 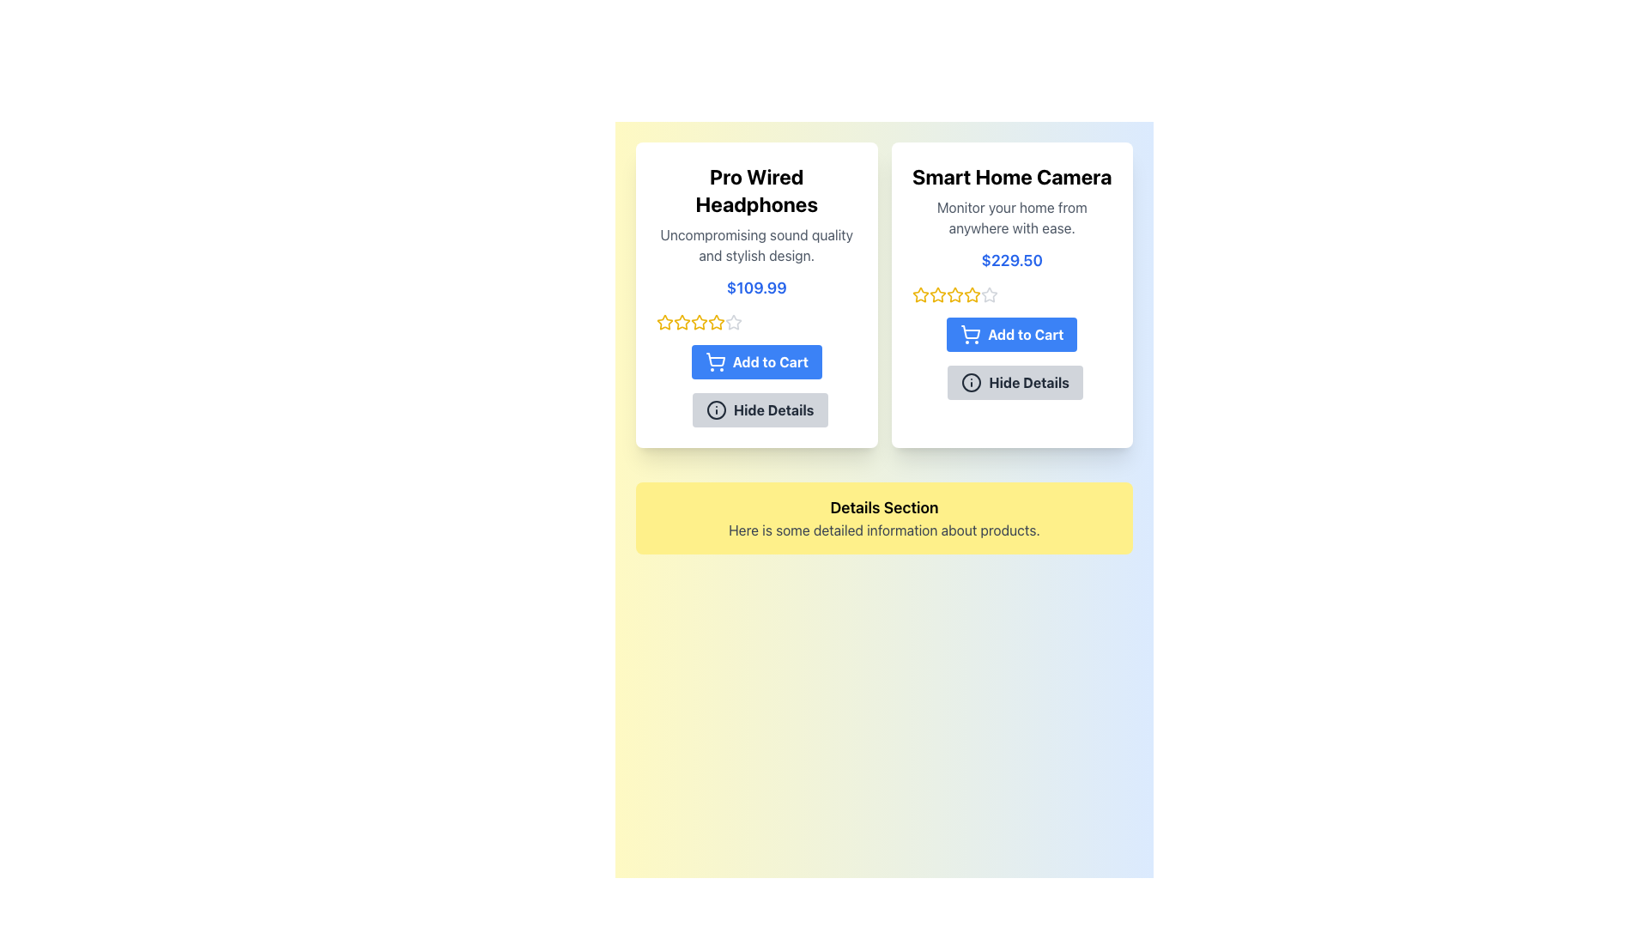 I want to click on price displayed on the text label located centrally below the product description of 'Pro Wired Headphones', so click(x=755, y=287).